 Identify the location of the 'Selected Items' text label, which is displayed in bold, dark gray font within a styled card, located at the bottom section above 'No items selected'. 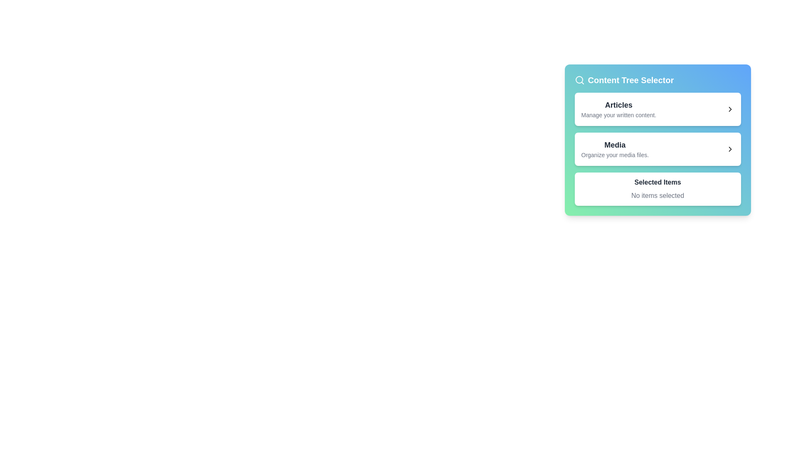
(657, 182).